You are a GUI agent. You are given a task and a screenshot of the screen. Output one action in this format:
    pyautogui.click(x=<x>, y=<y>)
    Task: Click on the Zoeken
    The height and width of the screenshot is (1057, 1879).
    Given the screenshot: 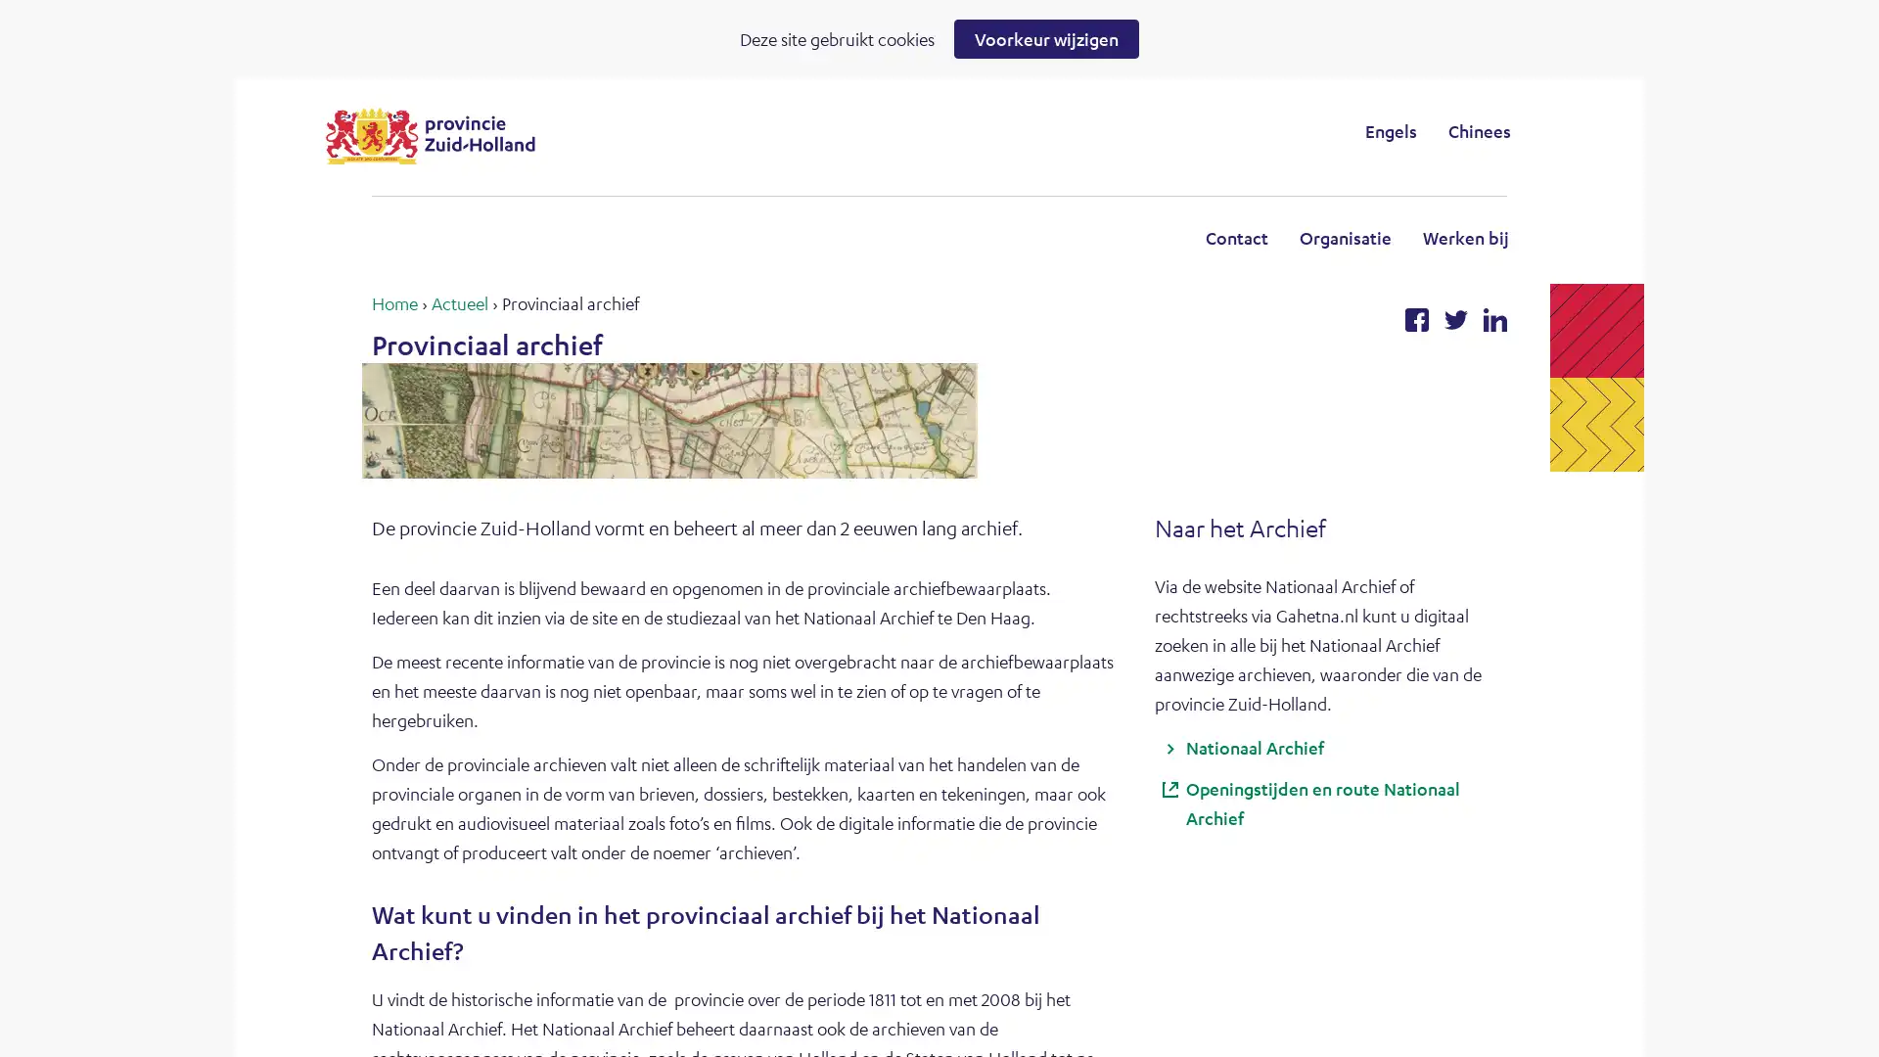 What is the action you would take?
    pyautogui.click(x=1100, y=130)
    